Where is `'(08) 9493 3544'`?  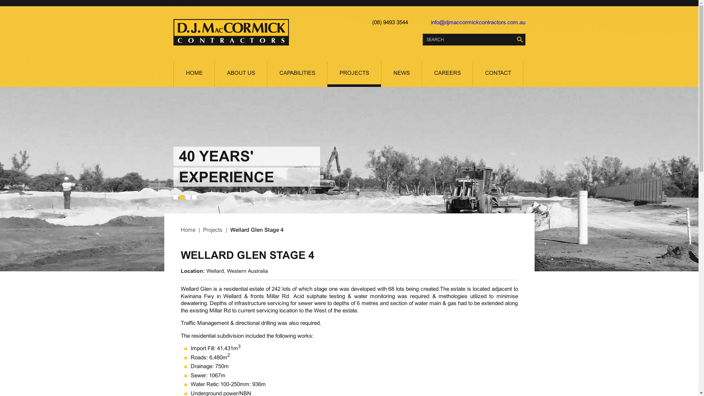 '(08) 9493 3544' is located at coordinates (389, 22).